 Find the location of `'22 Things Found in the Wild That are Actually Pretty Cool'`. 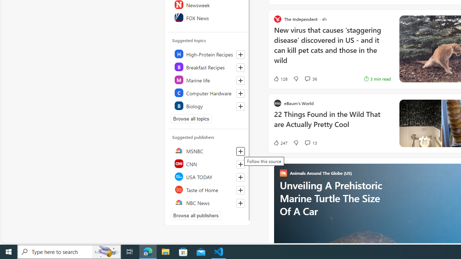

'22 Things Found in the Wild That are Actually Pretty Cool' is located at coordinates (332, 123).